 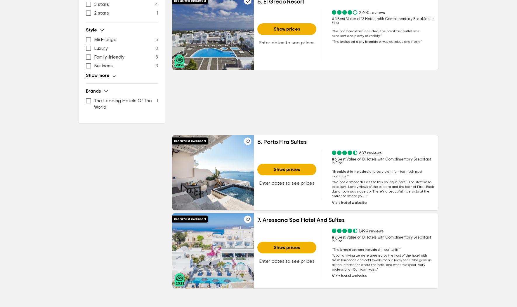 What do you see at coordinates (383, 20) in the screenshot?
I see `'#5 Best Value of 13 Hotels with Complimentary Breakfast in Fira'` at bounding box center [383, 20].